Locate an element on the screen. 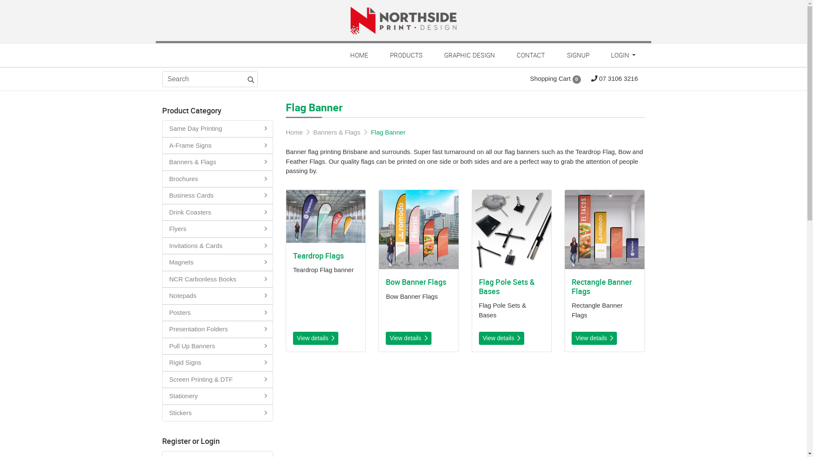 This screenshot has width=813, height=457. 'Invitations & Cards' is located at coordinates (218, 246).